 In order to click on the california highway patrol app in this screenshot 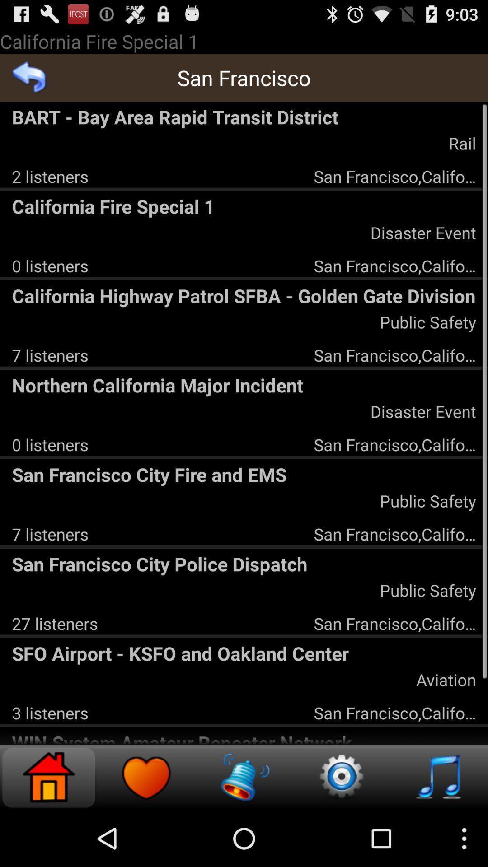, I will do `click(244, 295)`.